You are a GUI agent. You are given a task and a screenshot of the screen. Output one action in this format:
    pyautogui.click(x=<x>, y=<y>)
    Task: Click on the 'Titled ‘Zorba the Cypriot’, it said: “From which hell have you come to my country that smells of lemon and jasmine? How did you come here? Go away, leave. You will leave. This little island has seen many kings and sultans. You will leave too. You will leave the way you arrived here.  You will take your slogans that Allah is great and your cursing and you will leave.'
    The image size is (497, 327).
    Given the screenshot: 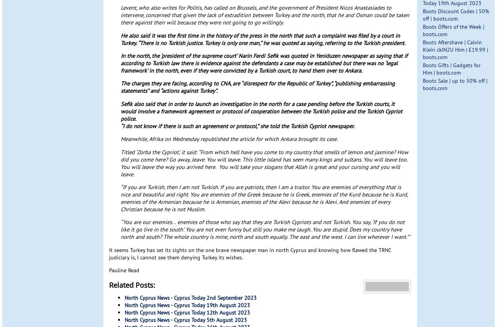 What is the action you would take?
    pyautogui.click(x=120, y=162)
    